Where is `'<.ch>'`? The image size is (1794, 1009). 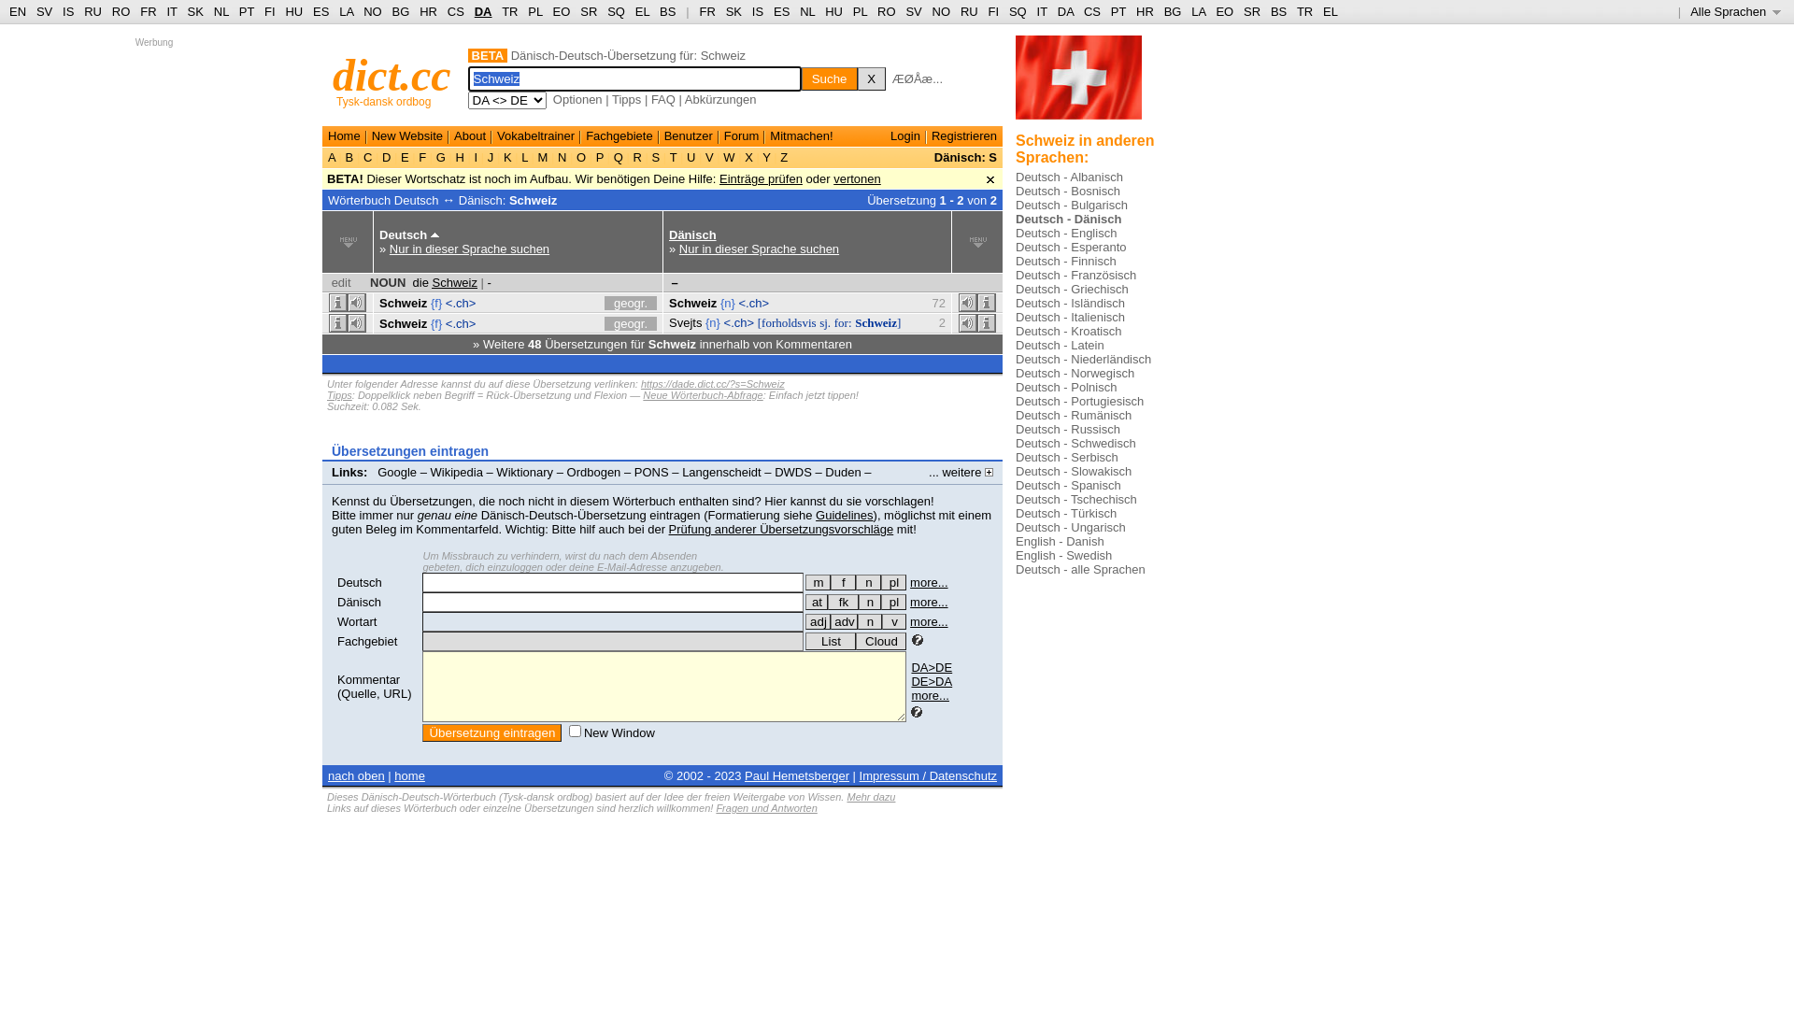
'<.ch>' is located at coordinates (461, 321).